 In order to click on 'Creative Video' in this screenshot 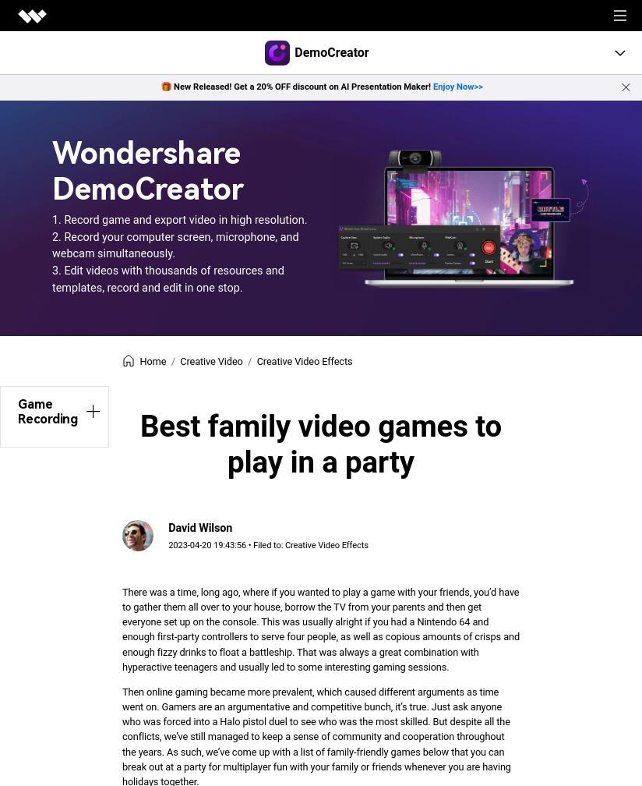, I will do `click(211, 360)`.